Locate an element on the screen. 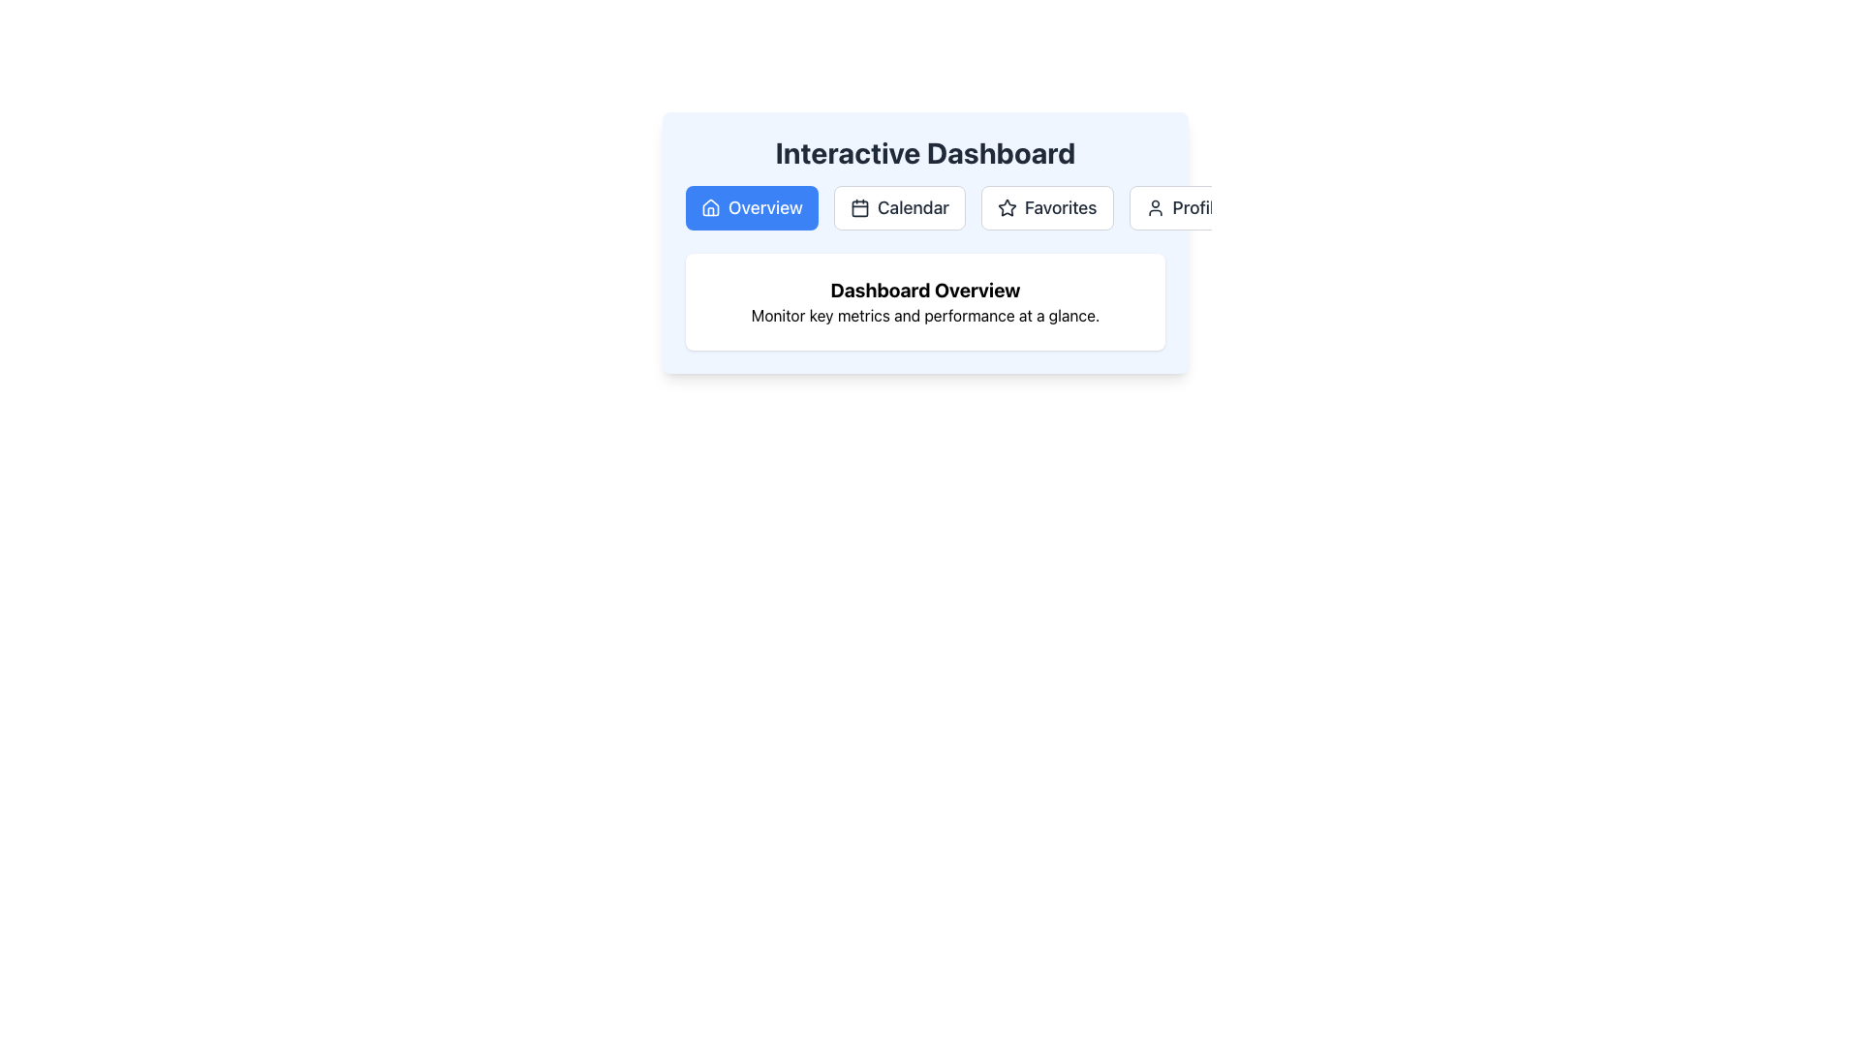  the navigation buttons within the dashboard overview section, which provides access to key metrics and performance indicators is located at coordinates (924, 241).